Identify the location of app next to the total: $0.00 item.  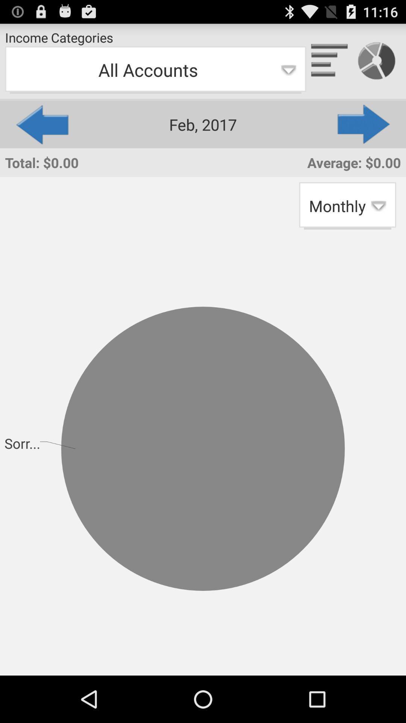
(347, 206).